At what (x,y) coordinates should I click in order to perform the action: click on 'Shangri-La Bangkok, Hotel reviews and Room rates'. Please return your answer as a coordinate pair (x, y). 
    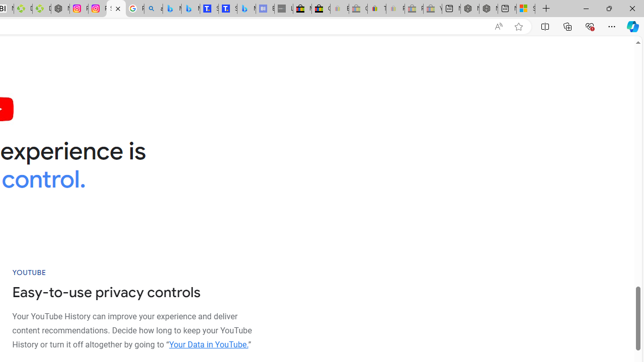
    Looking at the image, I should click on (227, 9).